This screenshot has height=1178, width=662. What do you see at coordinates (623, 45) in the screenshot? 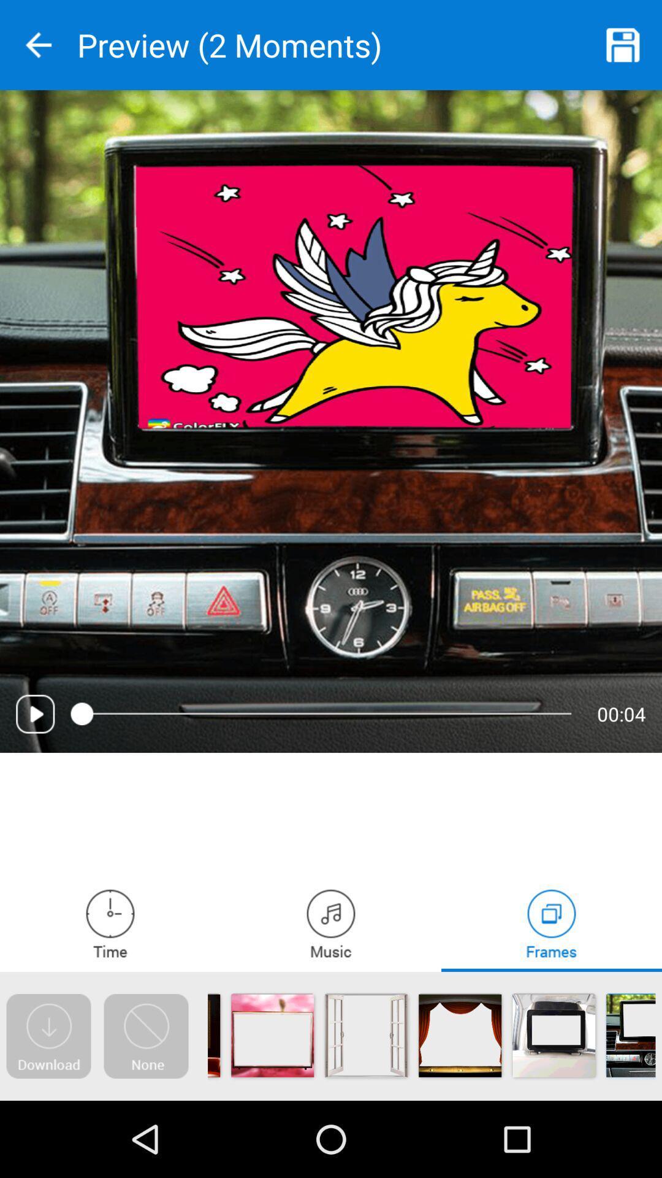
I see `file` at bounding box center [623, 45].